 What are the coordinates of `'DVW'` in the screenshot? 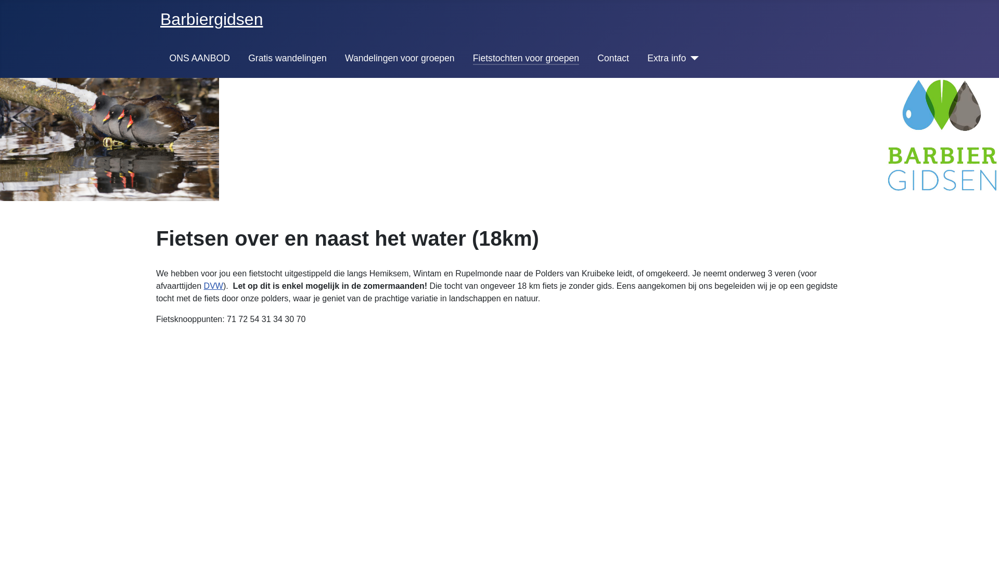 It's located at (213, 286).